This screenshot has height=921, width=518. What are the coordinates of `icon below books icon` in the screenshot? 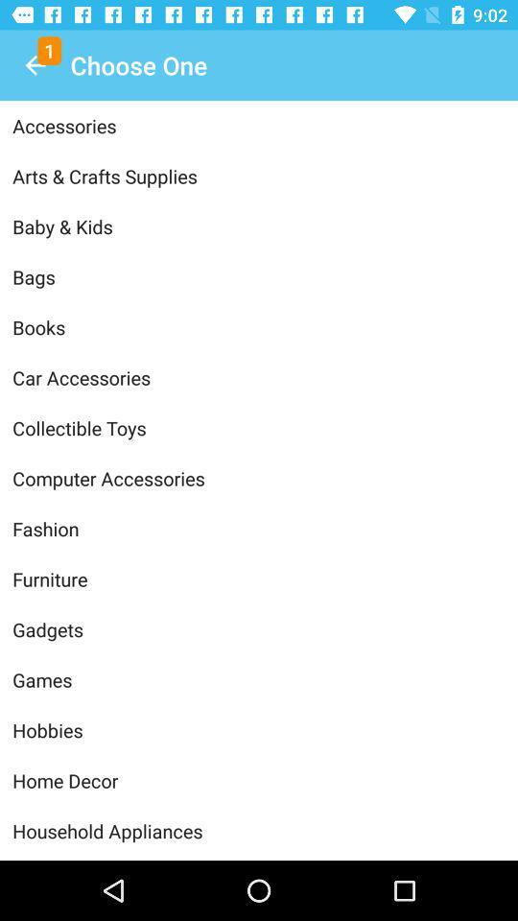 It's located at (259, 376).